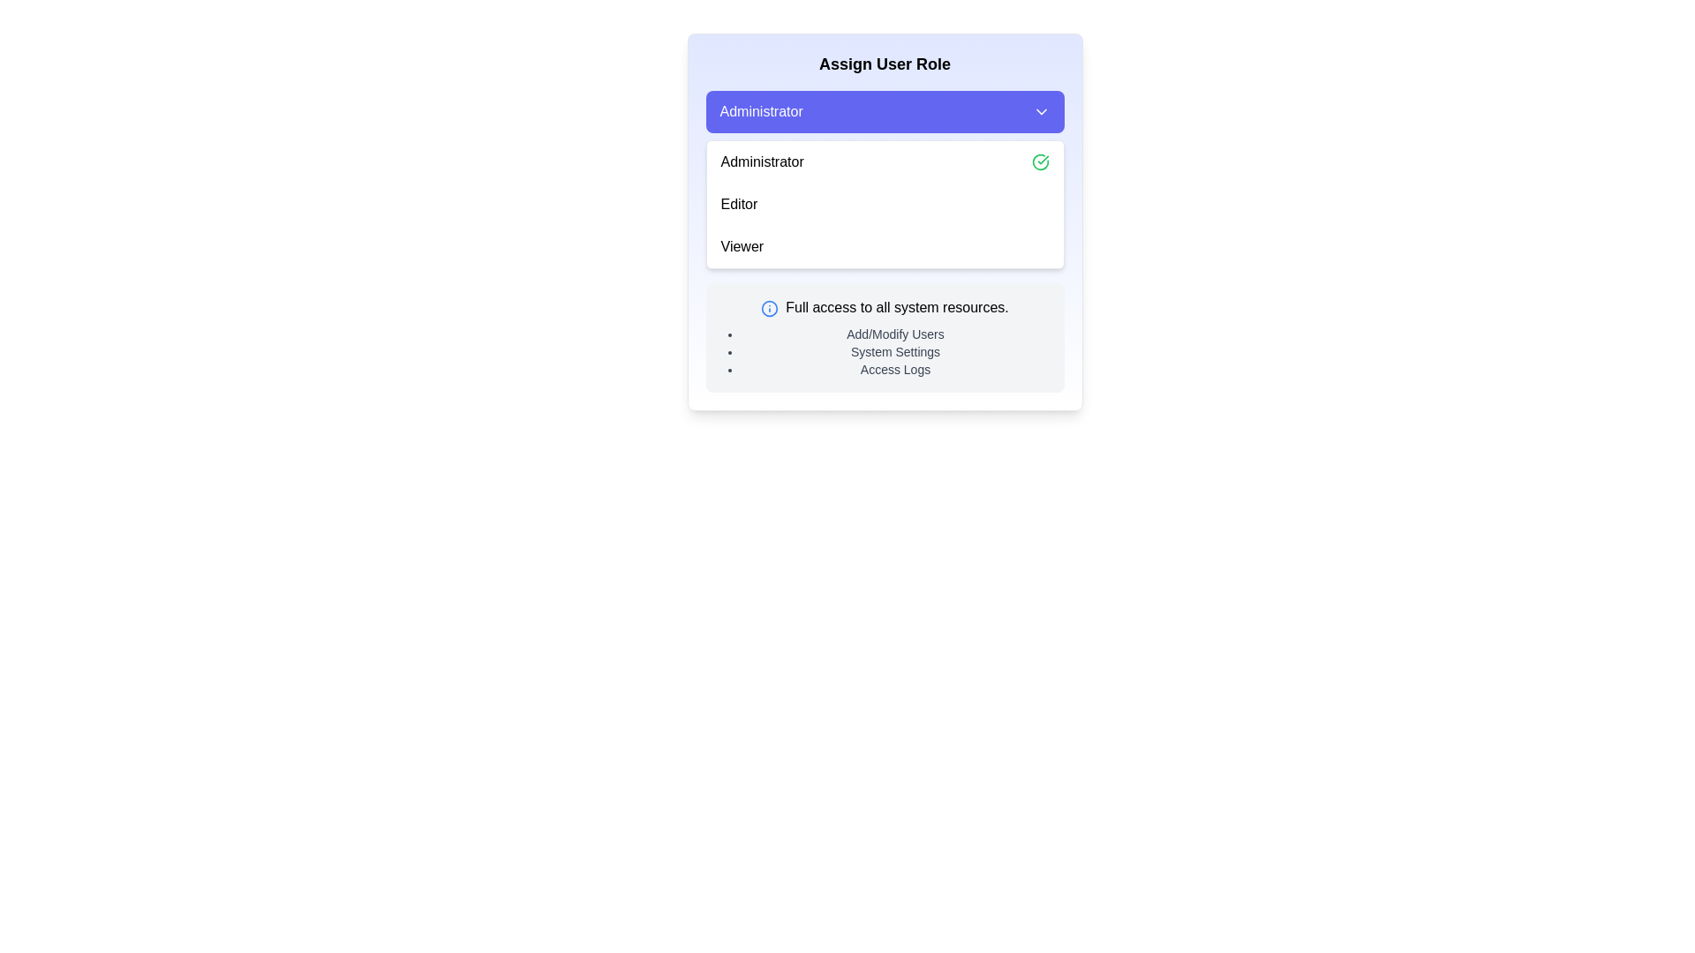  I want to click on the green circular icon with a checkmark inside, located to the right of the 'Administrator' text in the dropdown menu, so click(1040, 162).